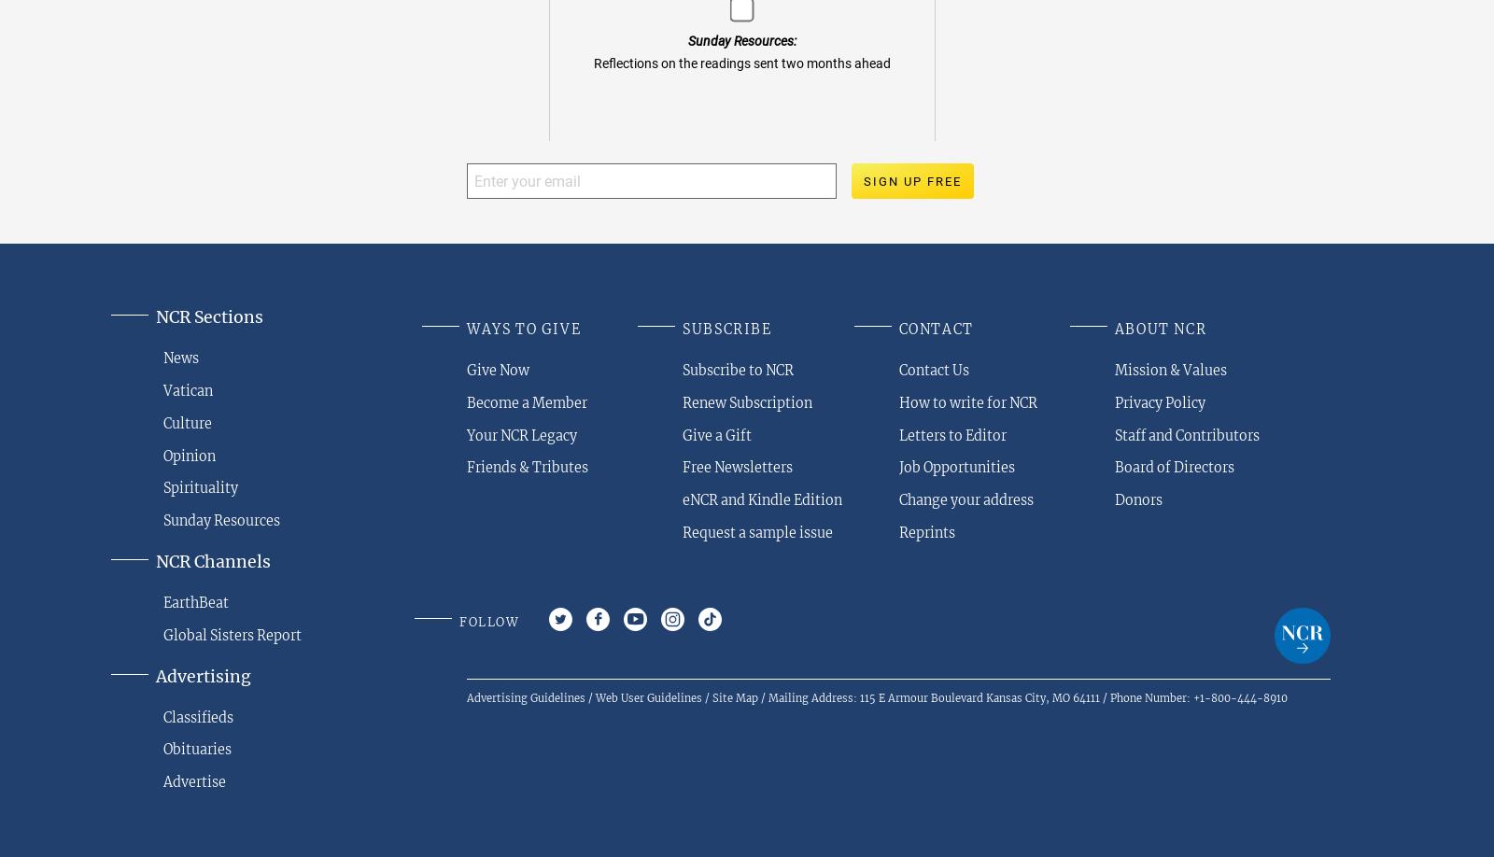 The width and height of the screenshot is (1494, 857). What do you see at coordinates (735, 696) in the screenshot?
I see `'Site Map'` at bounding box center [735, 696].